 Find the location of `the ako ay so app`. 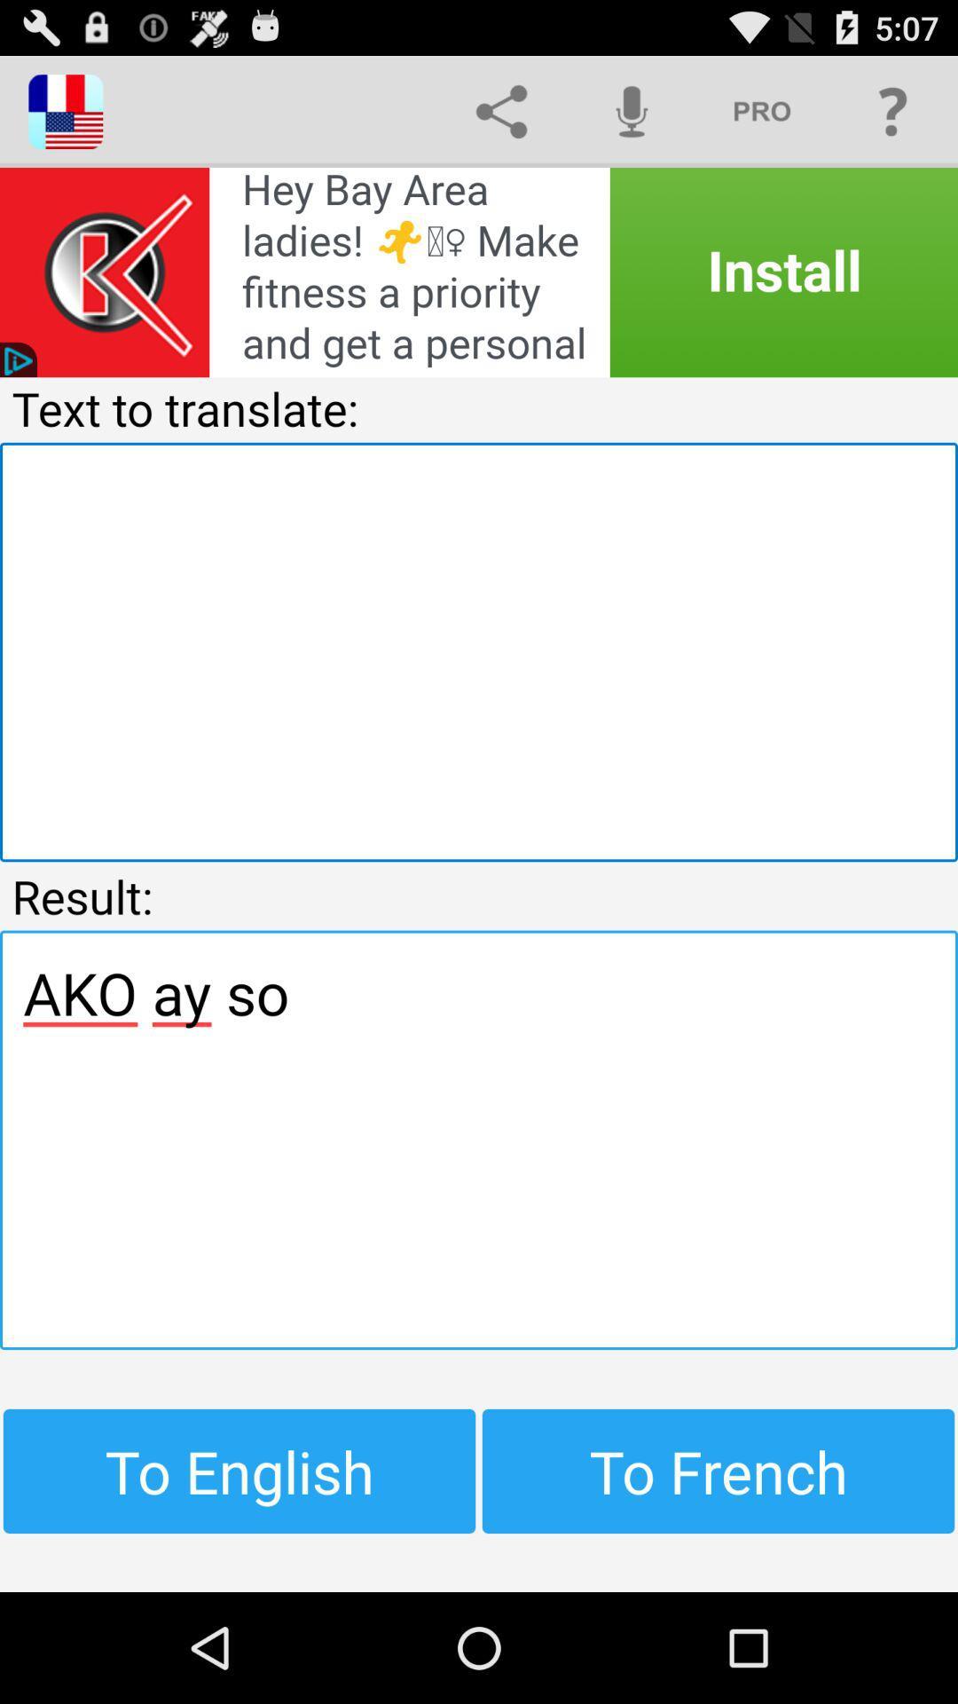

the ako ay so app is located at coordinates (479, 1140).